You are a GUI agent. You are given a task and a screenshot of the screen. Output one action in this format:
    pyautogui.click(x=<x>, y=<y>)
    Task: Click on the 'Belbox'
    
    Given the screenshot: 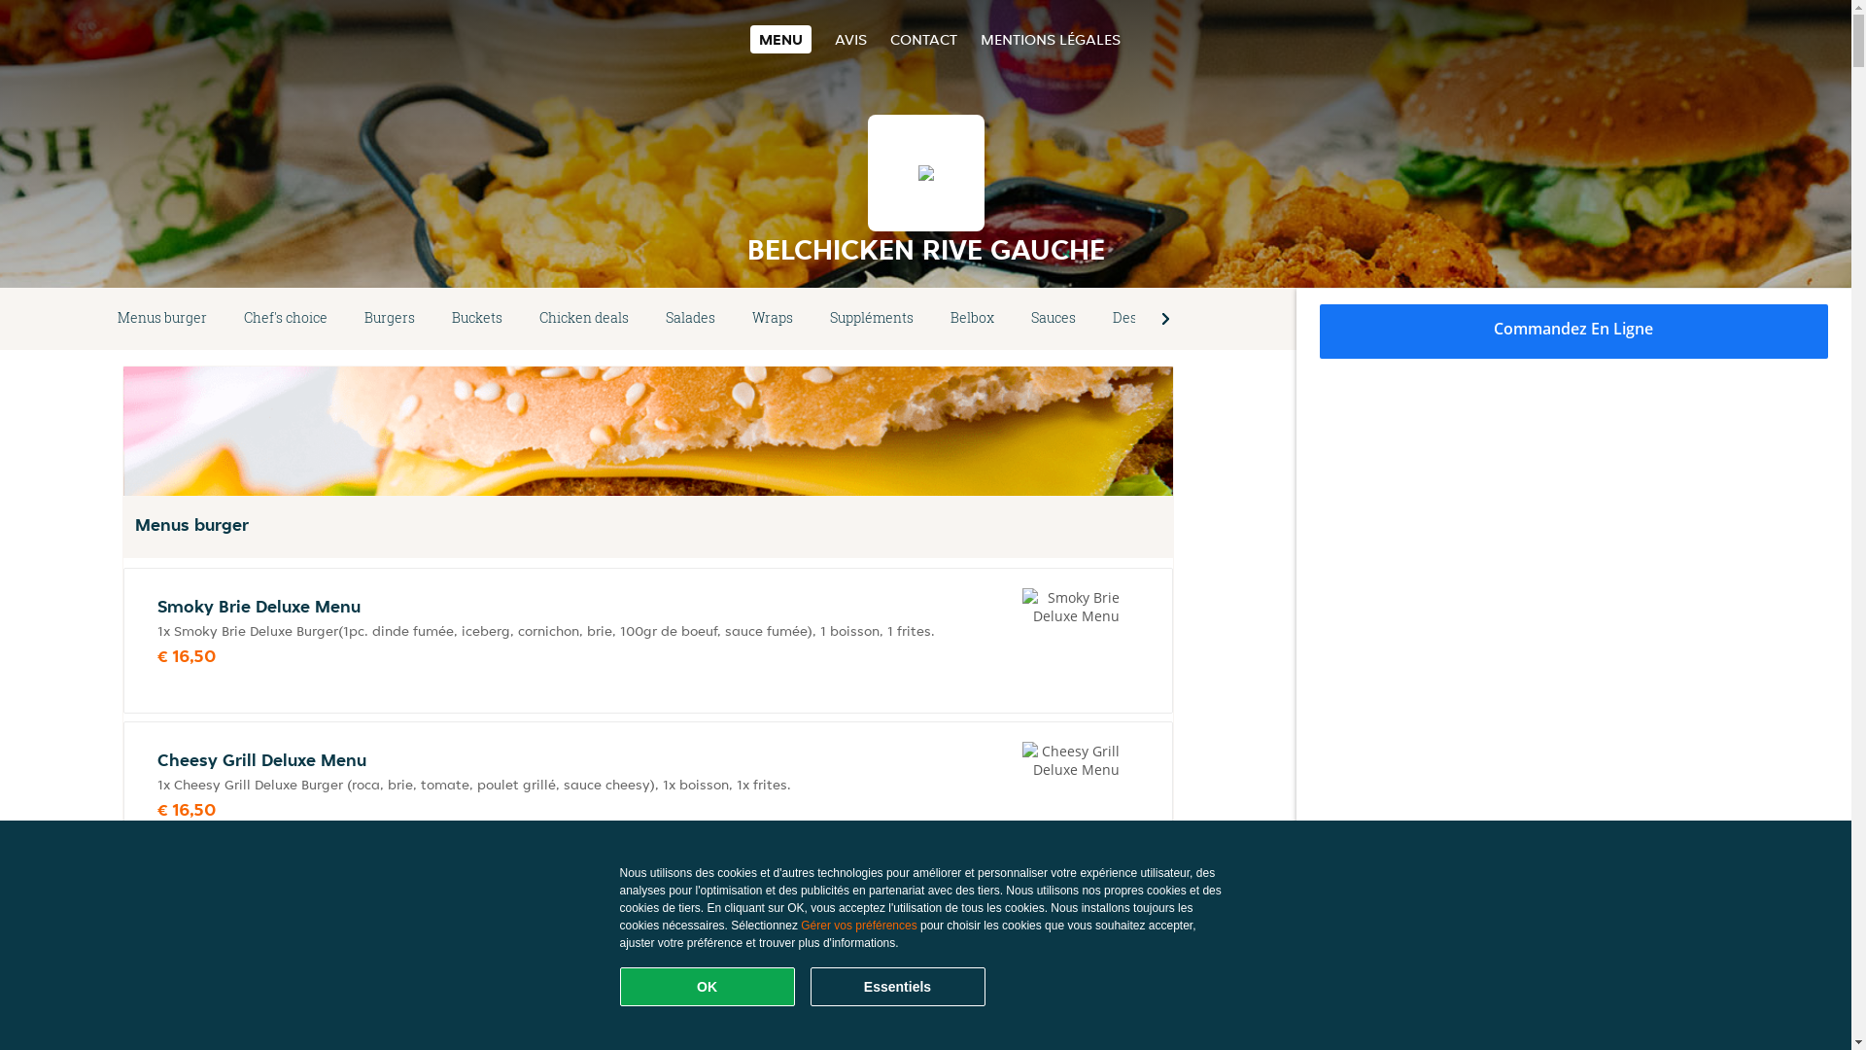 What is the action you would take?
    pyautogui.click(x=972, y=317)
    